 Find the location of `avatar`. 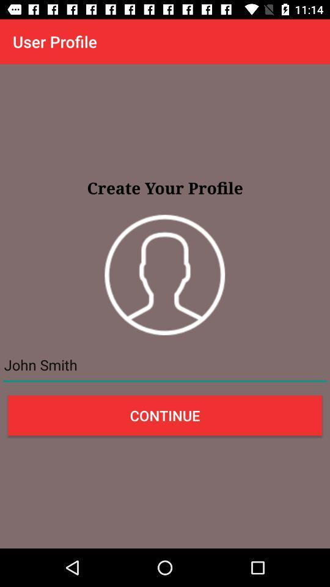

avatar is located at coordinates (164, 275).